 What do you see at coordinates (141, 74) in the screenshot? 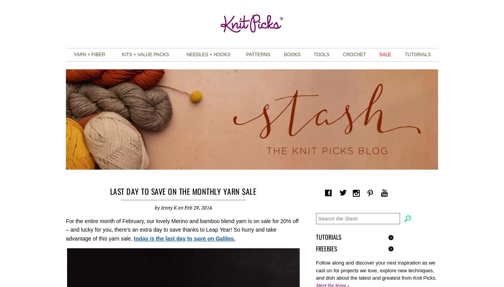
I see `'View All Project Kits'` at bounding box center [141, 74].